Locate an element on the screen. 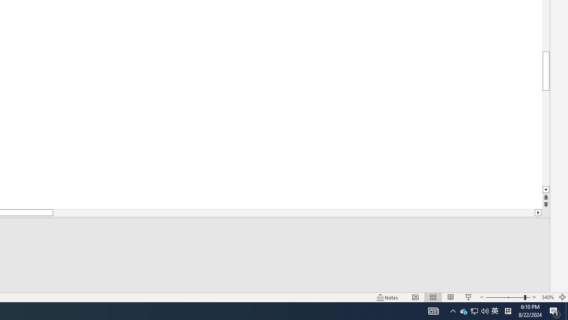 The height and width of the screenshot is (320, 568). 'Slide Show' is located at coordinates (468, 297).